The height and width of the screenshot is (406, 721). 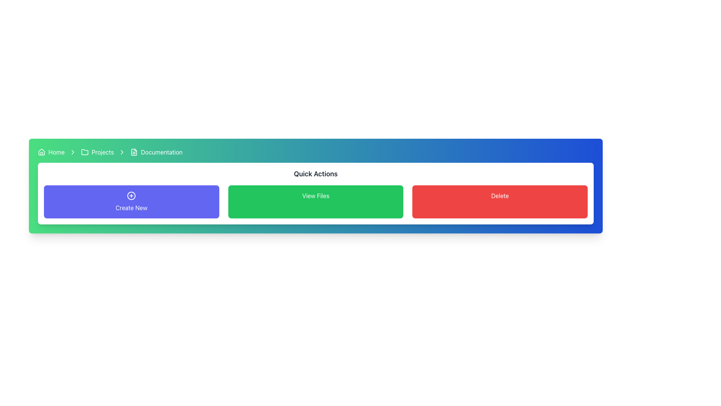 I want to click on the button in the 'Quick Actions' section that allows users, so click(x=315, y=201).